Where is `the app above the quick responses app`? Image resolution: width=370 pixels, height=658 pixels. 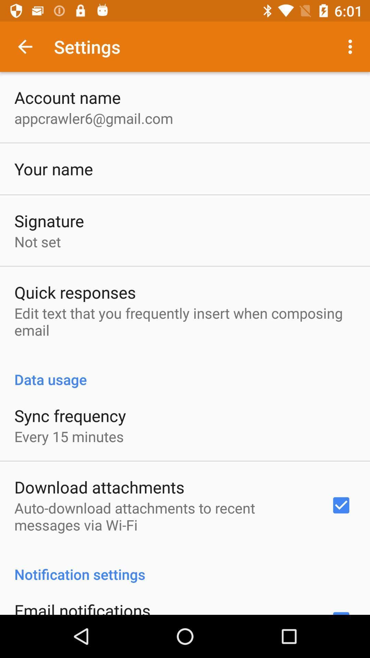 the app above the quick responses app is located at coordinates (37, 242).